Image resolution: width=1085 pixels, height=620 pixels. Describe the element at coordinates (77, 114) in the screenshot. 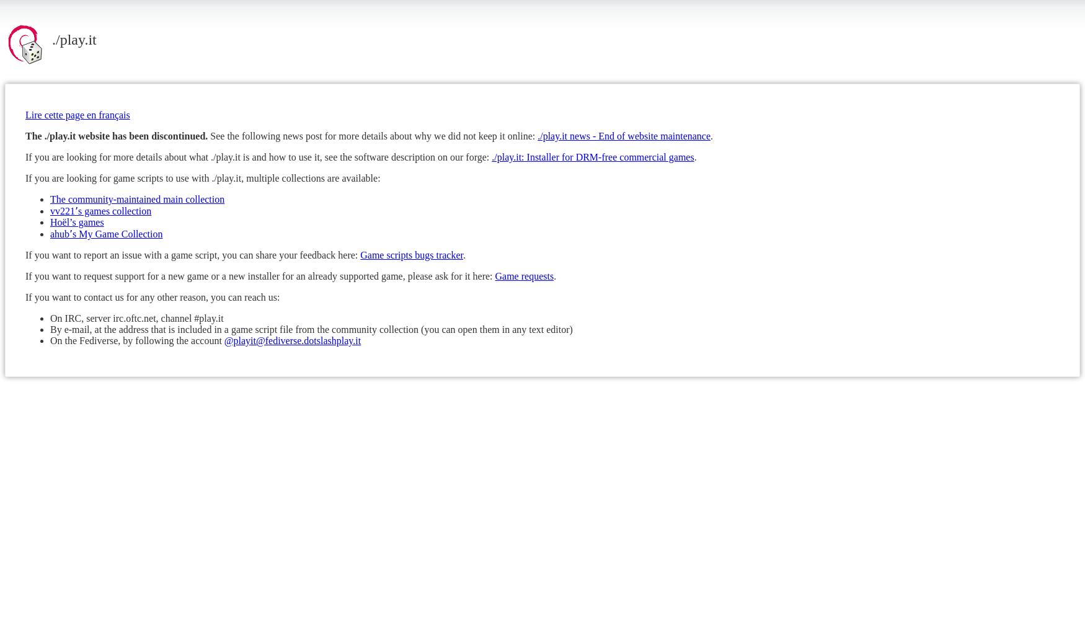

I see `'Lire cette page en français'` at that location.